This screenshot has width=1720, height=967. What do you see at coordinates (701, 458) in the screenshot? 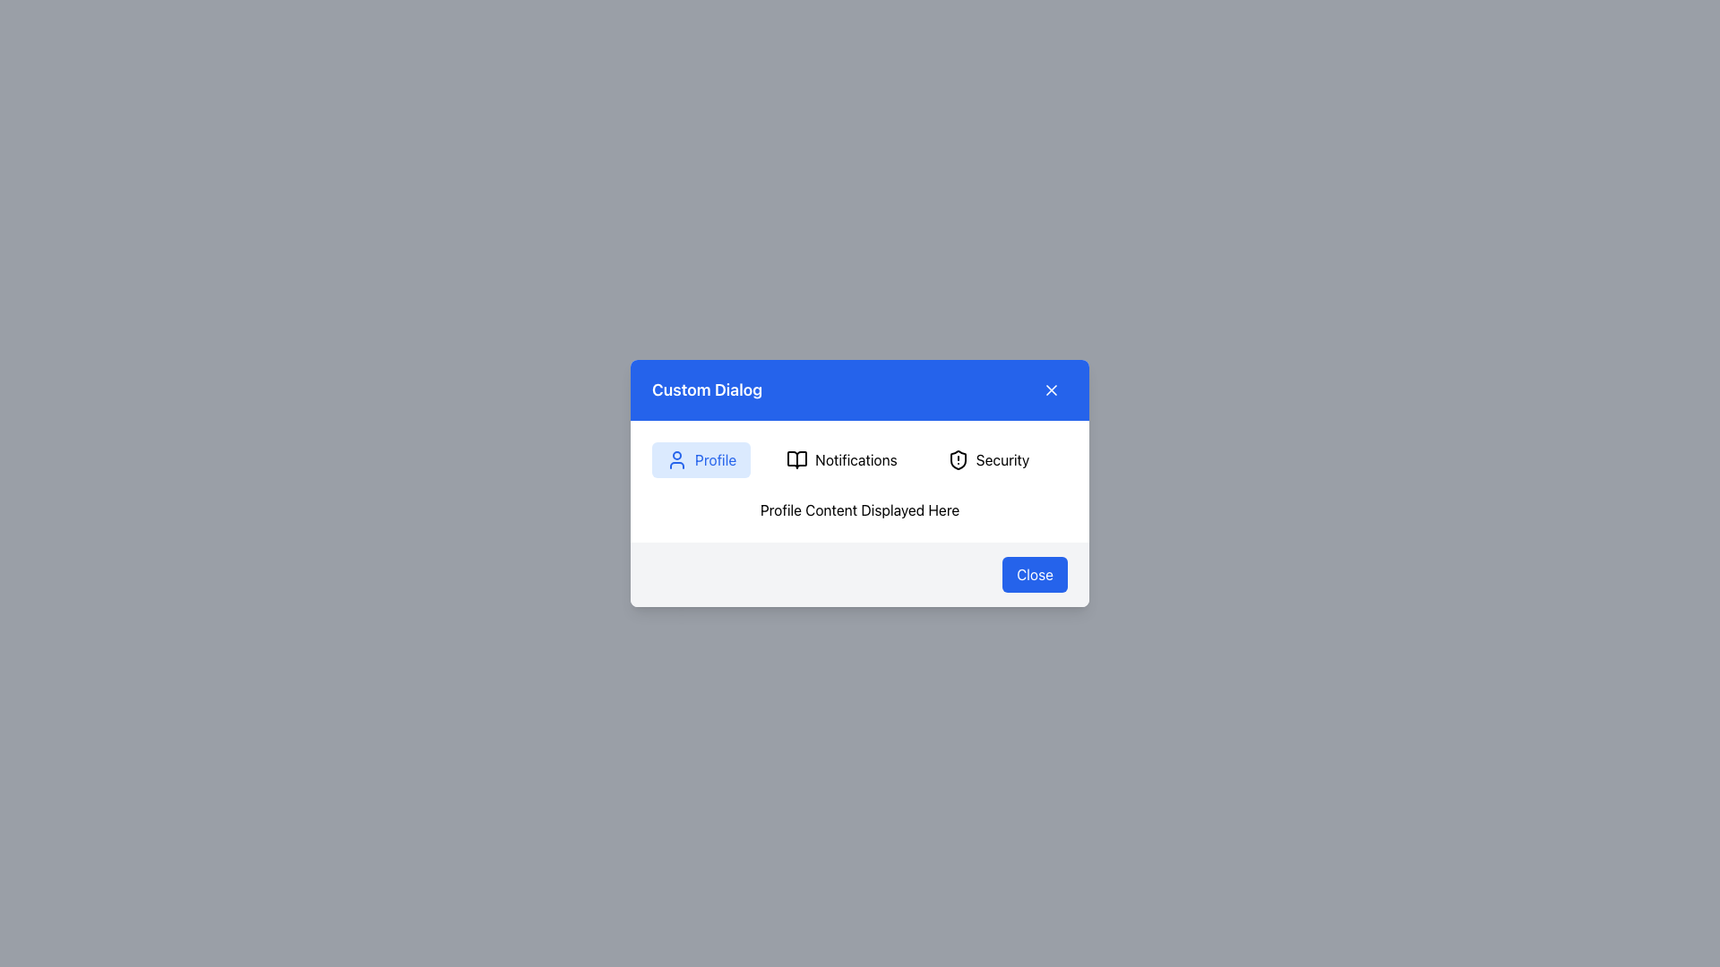
I see `the first button in the horizontal sequence` at bounding box center [701, 458].